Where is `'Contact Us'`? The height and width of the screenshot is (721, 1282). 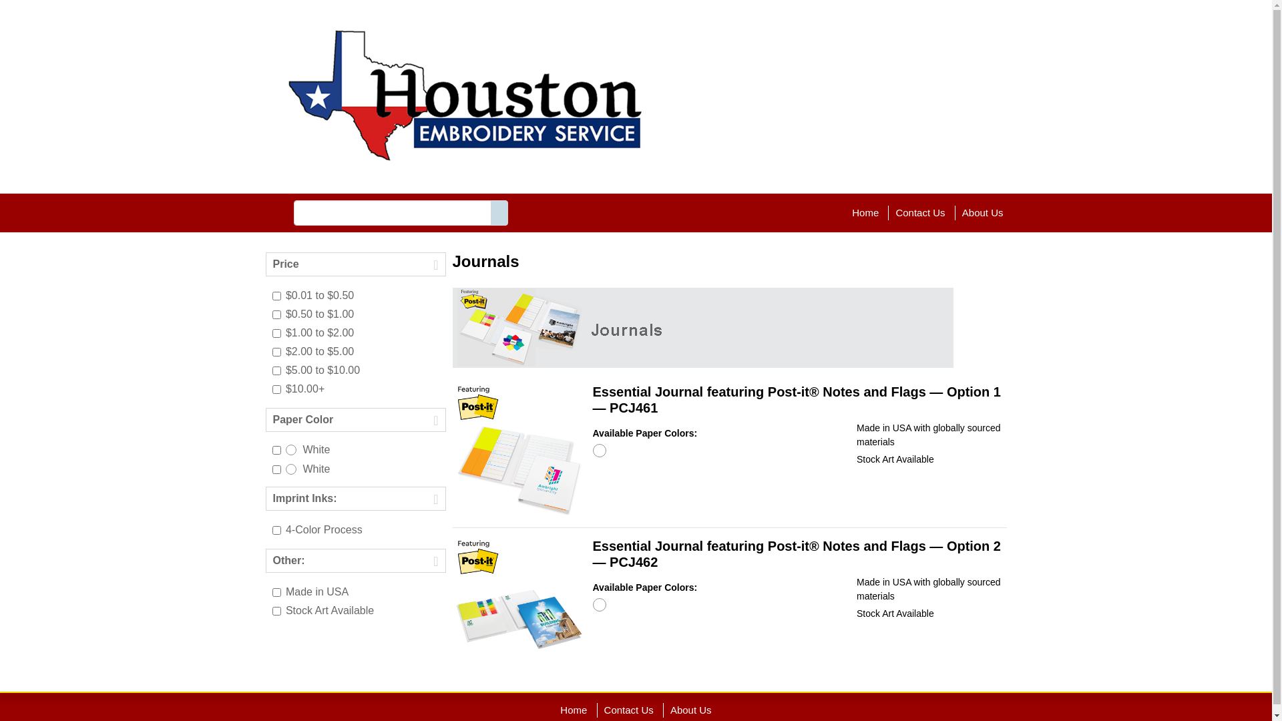 'Contact Us' is located at coordinates (919, 212).